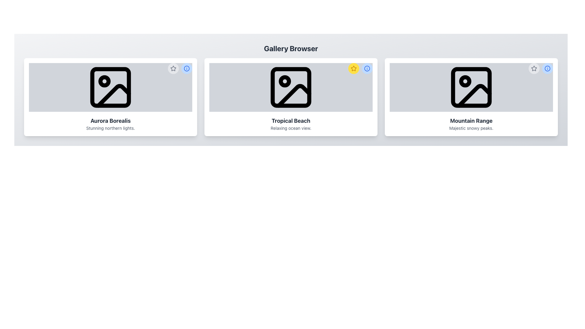  Describe the element at coordinates (173, 68) in the screenshot. I see `the star icon in the top-right corner of the 'Tropical Beach' card` at that location.